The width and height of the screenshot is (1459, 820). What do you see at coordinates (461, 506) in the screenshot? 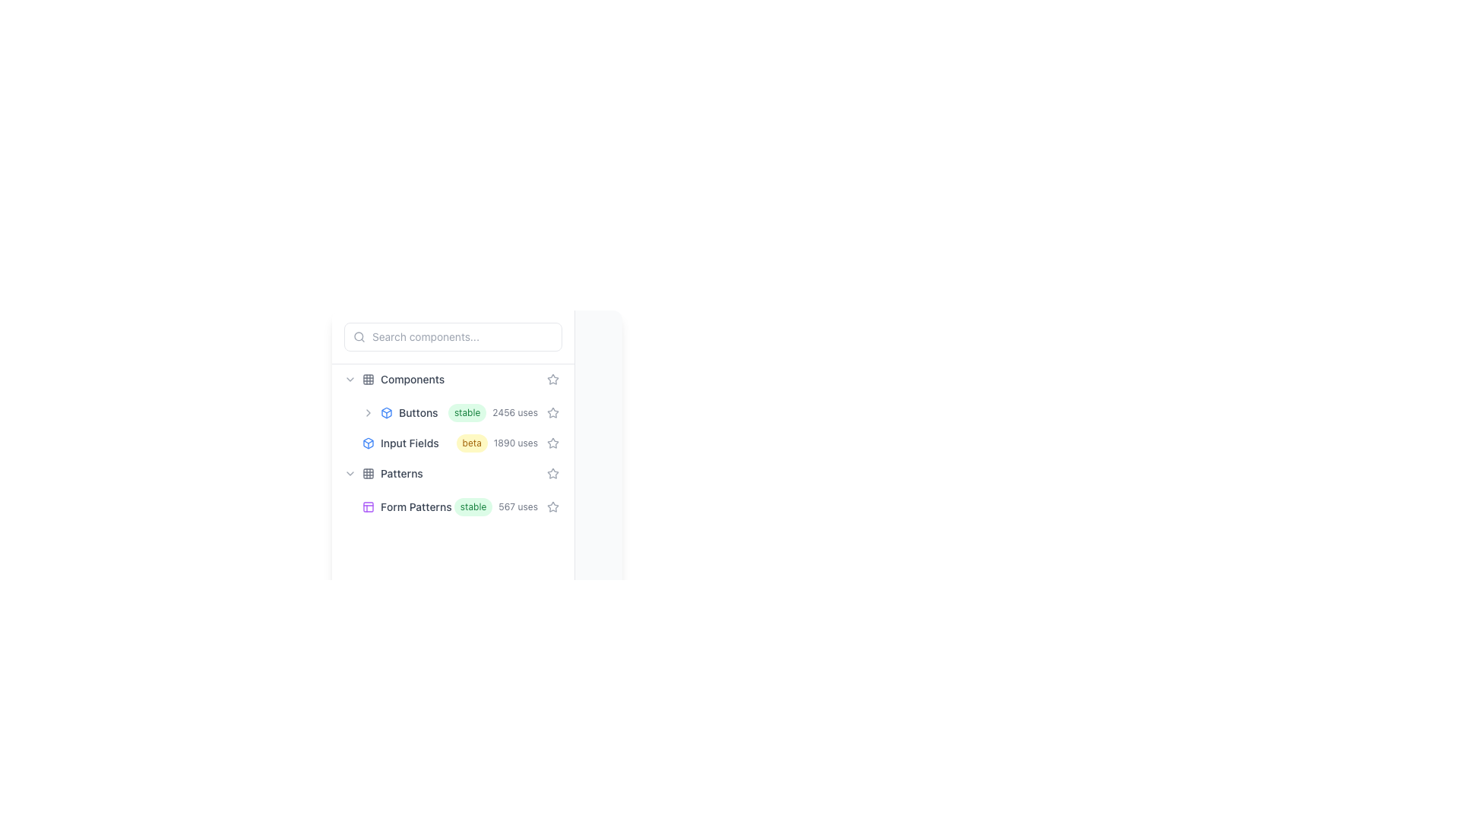
I see `the navigation list item labeled 'Form Patterns' with a green background and '567 uses' in gray text` at bounding box center [461, 506].